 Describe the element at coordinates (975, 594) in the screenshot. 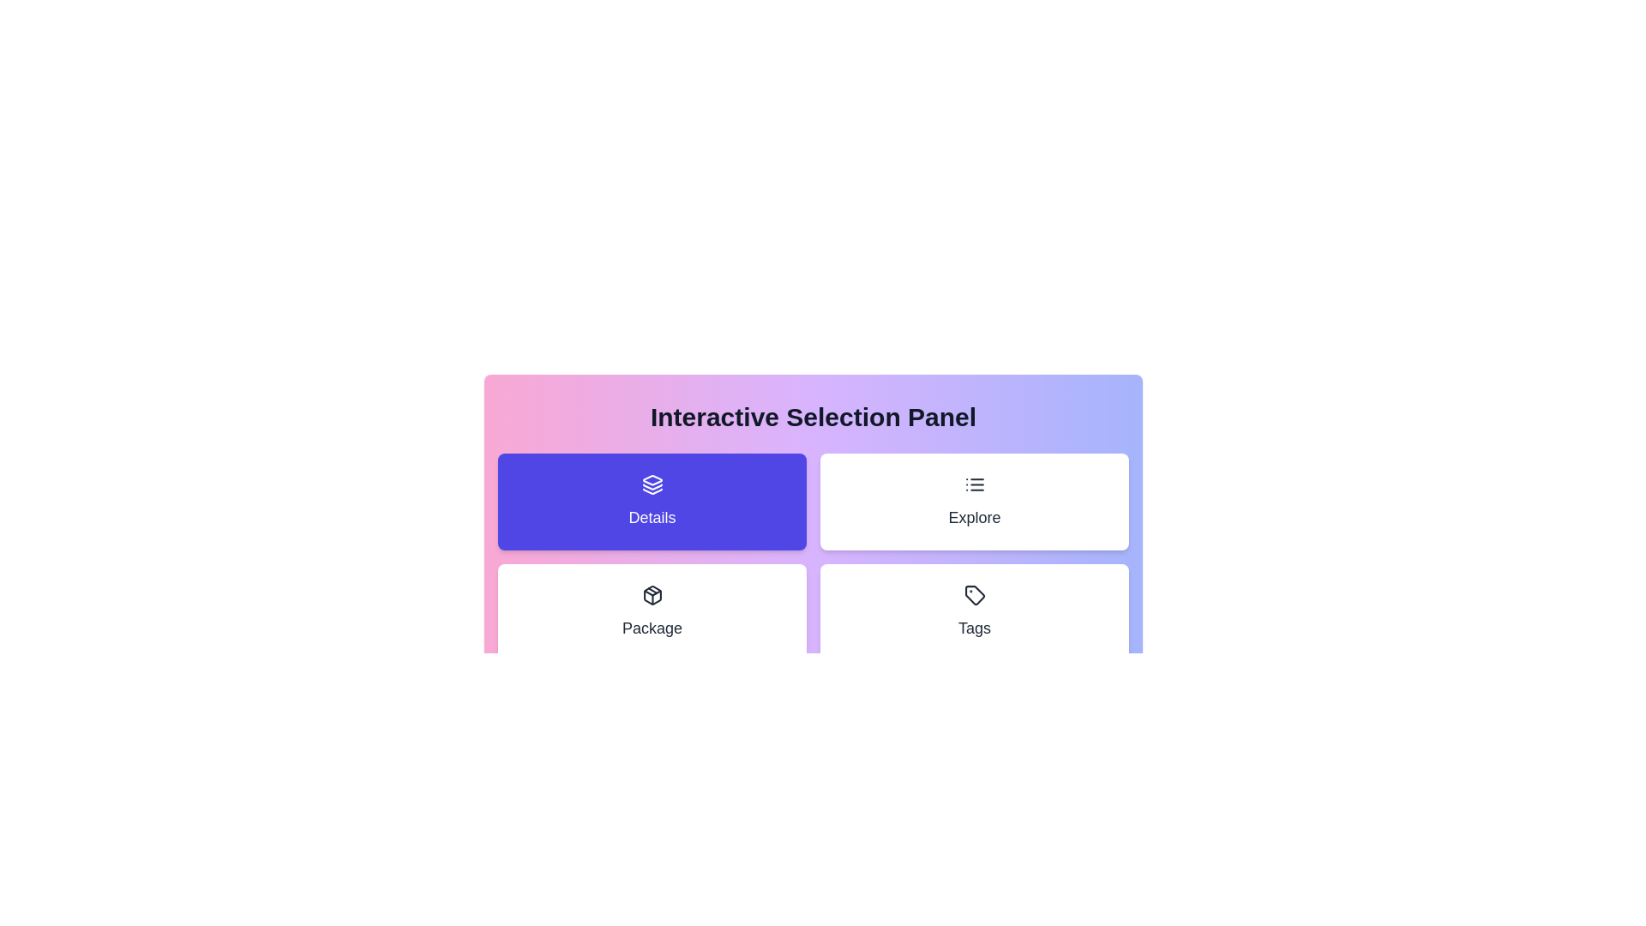

I see `the graphical icon representing a tag symbol, which is located in the bottom-right option labeled 'Tags' within a four-option interactive panel` at that location.